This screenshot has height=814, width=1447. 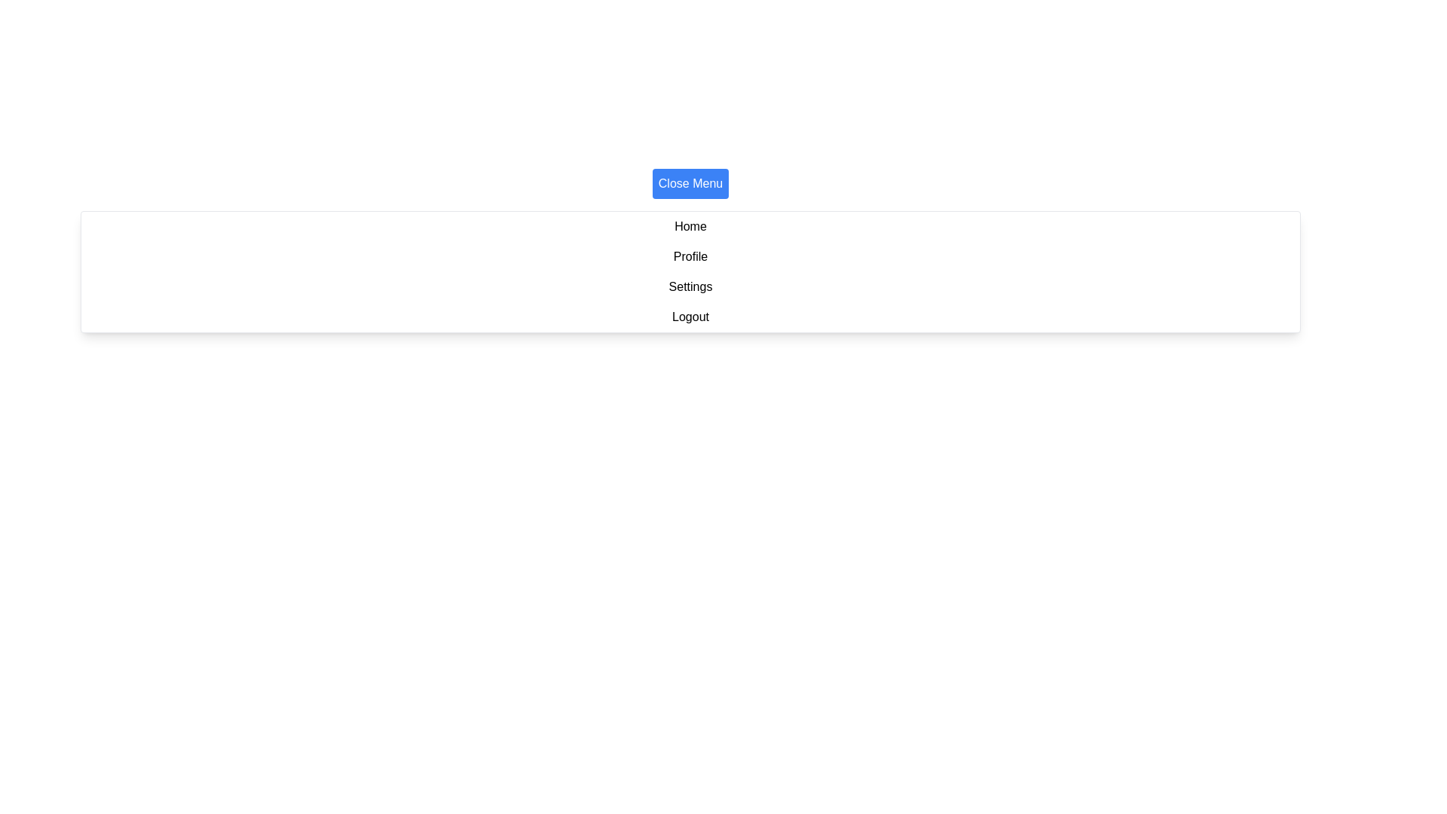 What do you see at coordinates (690, 287) in the screenshot?
I see `the third item in the vertical list of navigational items, which serves` at bounding box center [690, 287].